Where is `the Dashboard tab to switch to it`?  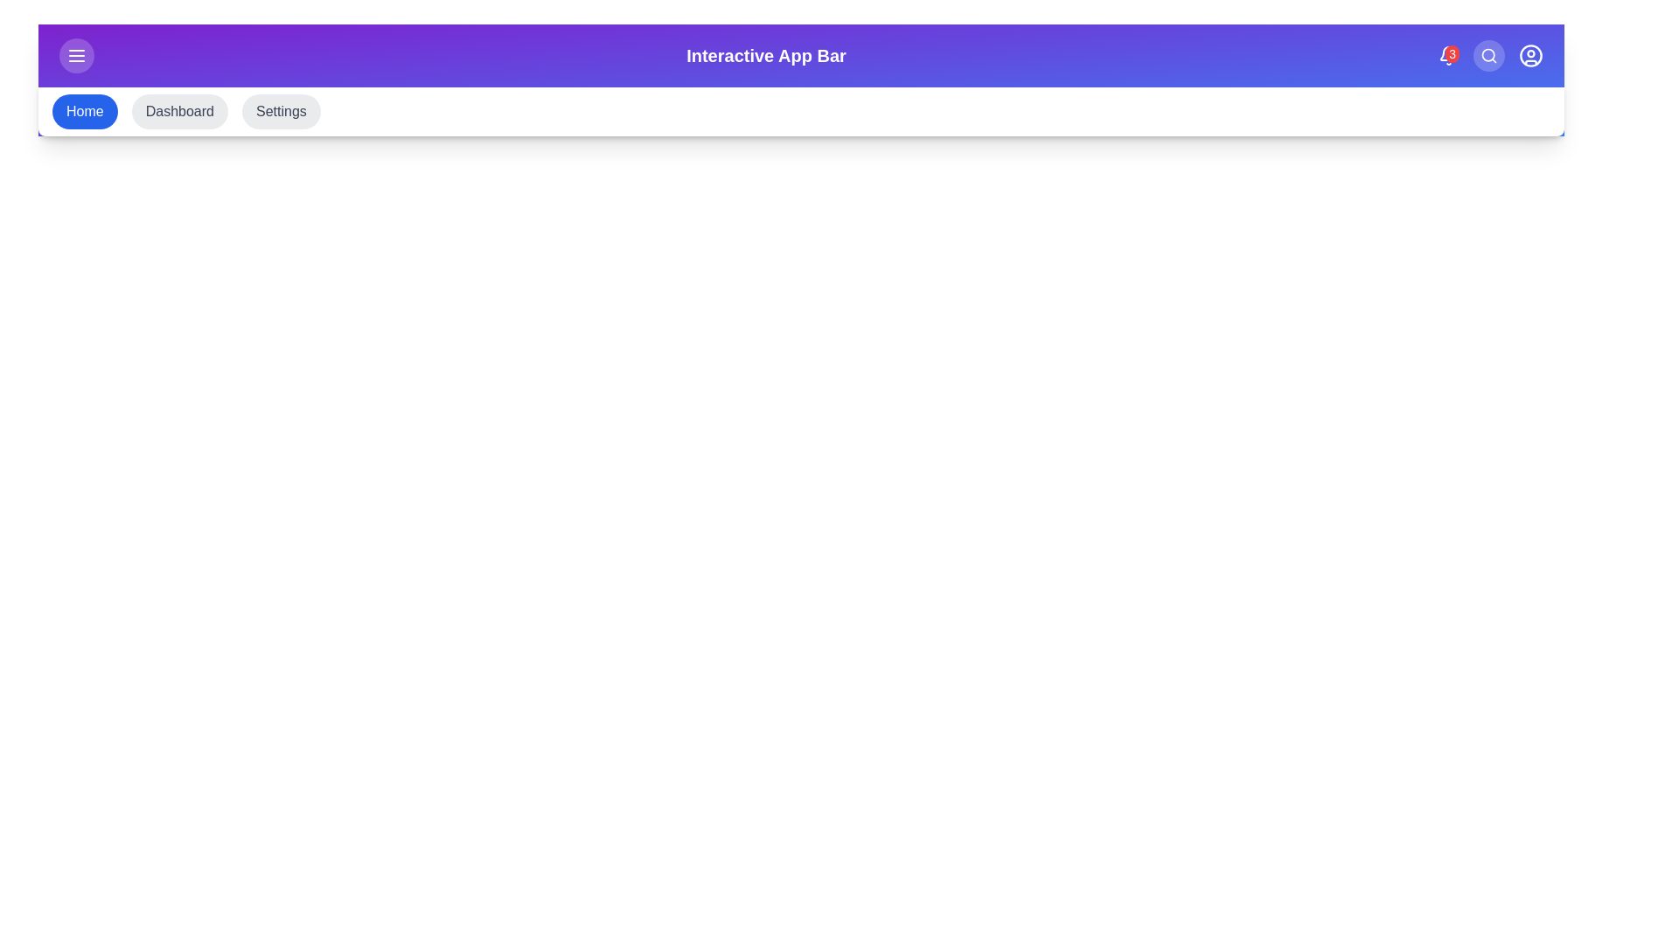 the Dashboard tab to switch to it is located at coordinates (179, 111).